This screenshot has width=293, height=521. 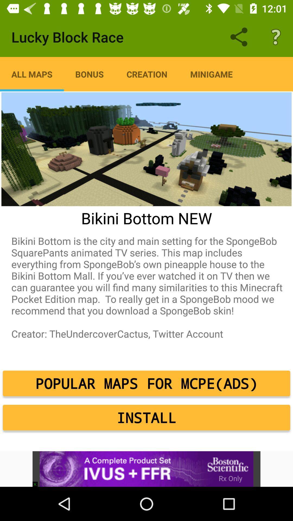 I want to click on the app to the left of minigame app, so click(x=147, y=74).